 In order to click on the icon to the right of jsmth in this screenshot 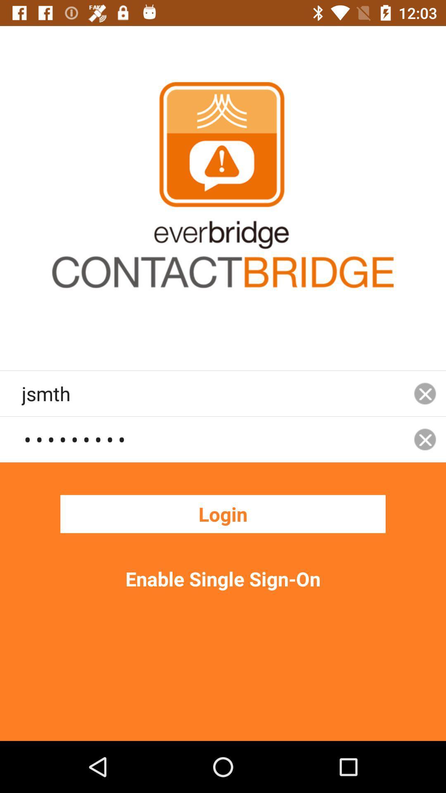, I will do `click(425, 439)`.